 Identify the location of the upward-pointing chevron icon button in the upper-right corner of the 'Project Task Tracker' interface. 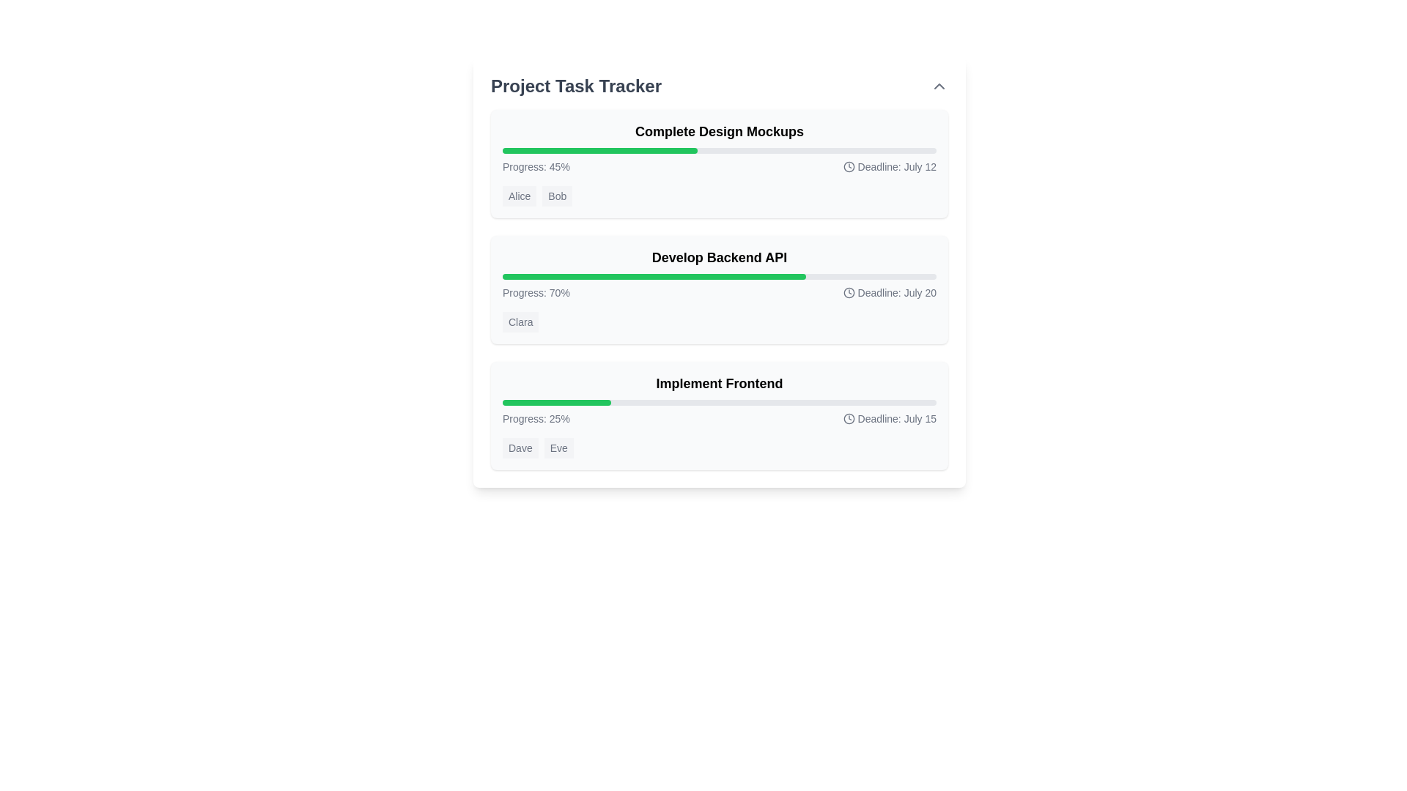
(939, 86).